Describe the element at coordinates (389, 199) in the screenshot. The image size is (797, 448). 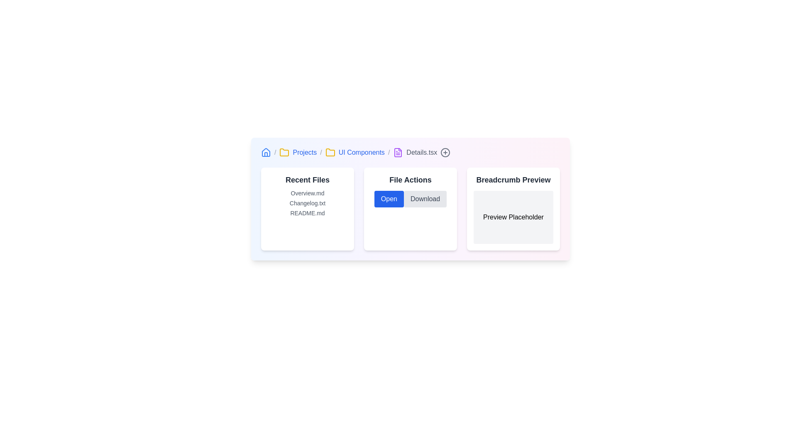
I see `the 'Open' button located in the 'File Actions' section` at that location.